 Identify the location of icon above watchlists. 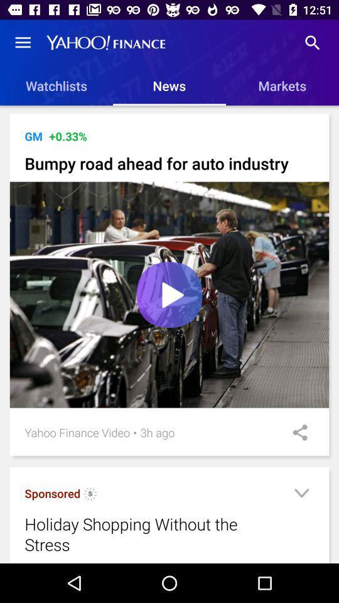
(23, 43).